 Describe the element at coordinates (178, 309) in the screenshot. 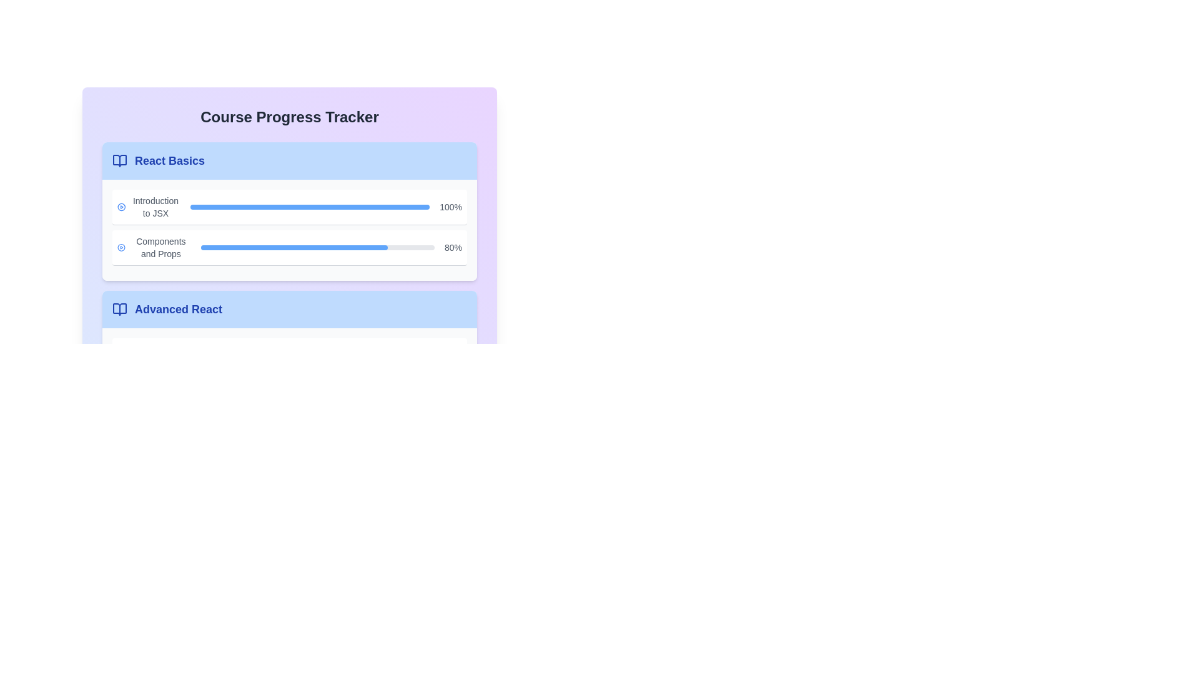

I see `the text label indicating the title of the 'Advanced React' module in the course progress tracker, which is positioned to the right of a book icon and below the 'React Basics' section` at that location.